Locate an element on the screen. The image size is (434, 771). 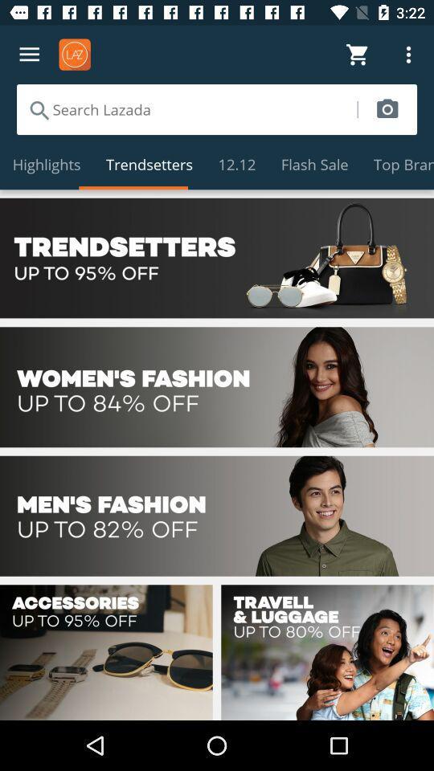
click option is located at coordinates (217, 515).